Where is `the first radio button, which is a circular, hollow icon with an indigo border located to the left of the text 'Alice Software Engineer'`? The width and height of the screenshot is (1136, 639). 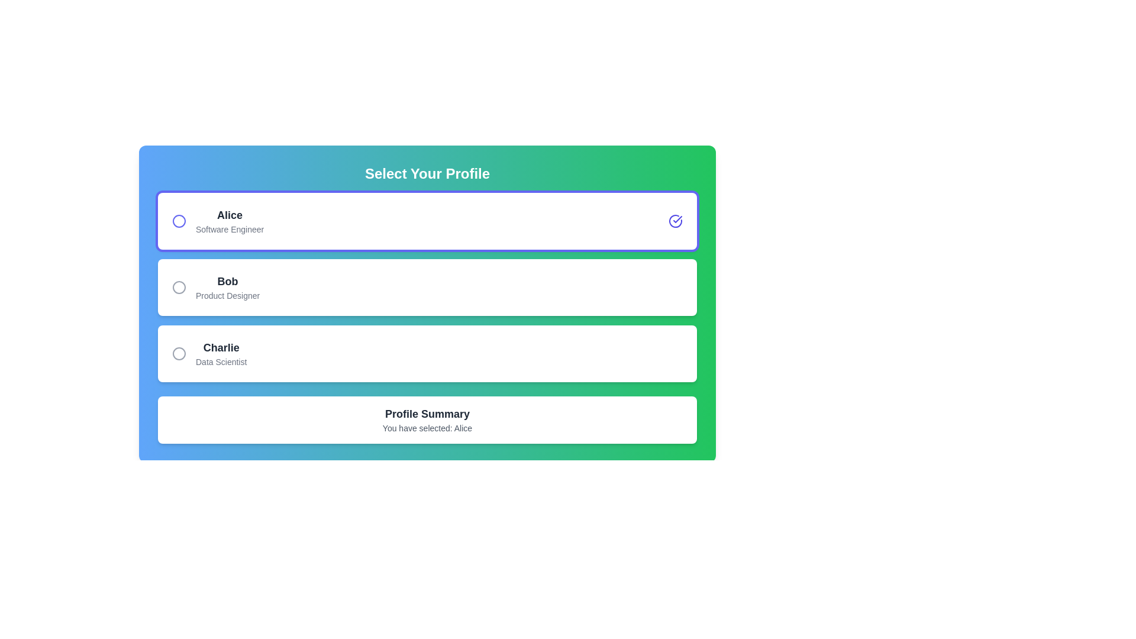 the first radio button, which is a circular, hollow icon with an indigo border located to the left of the text 'Alice Software Engineer' is located at coordinates (178, 221).